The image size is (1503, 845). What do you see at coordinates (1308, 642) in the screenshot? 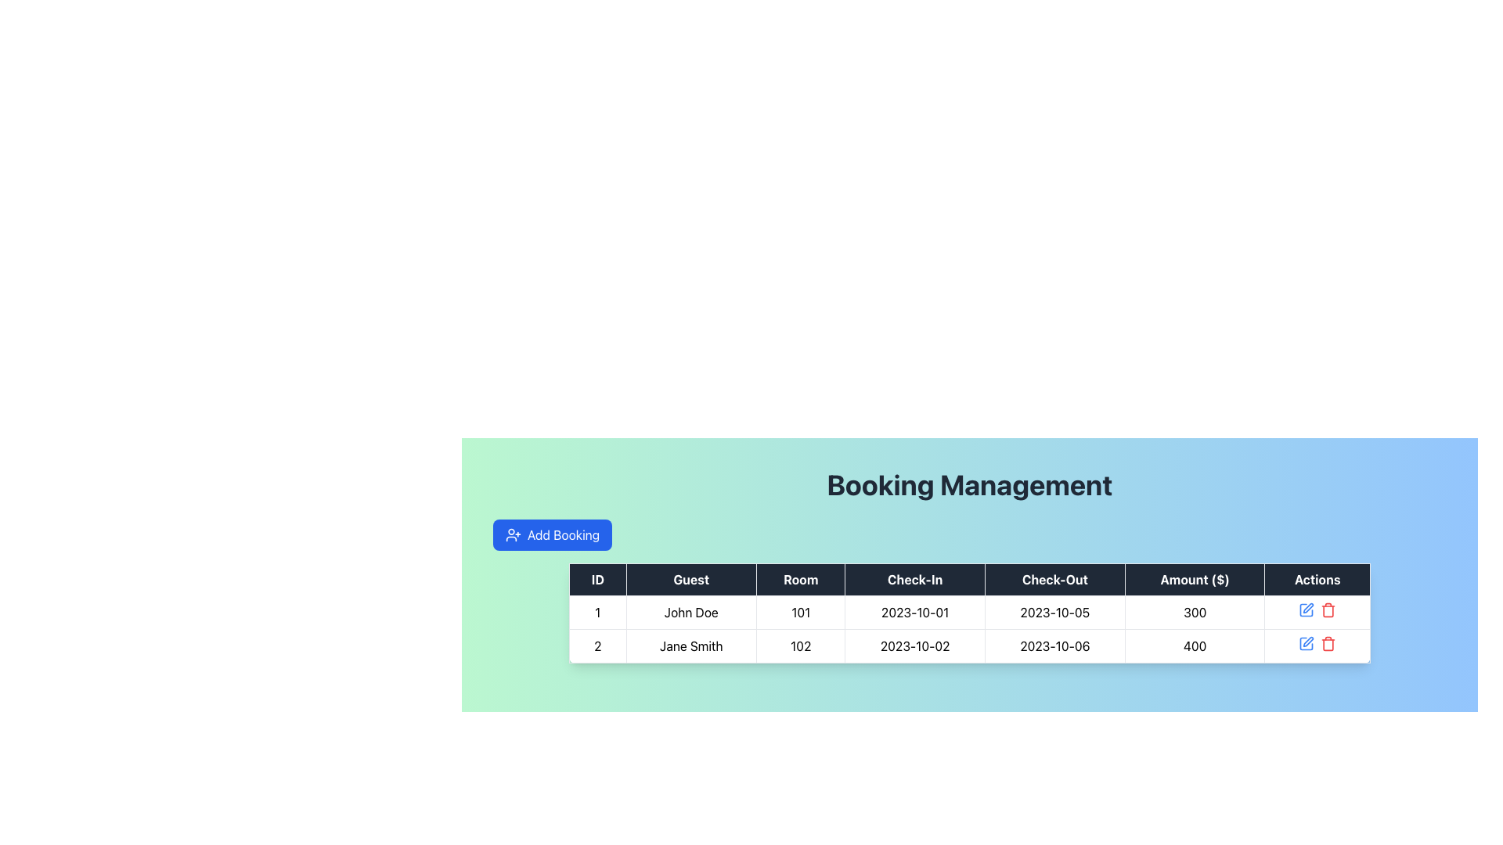
I see `the Edit icon button located in the Actions column of the table, associated with the second row entry for Jane Smith` at bounding box center [1308, 642].